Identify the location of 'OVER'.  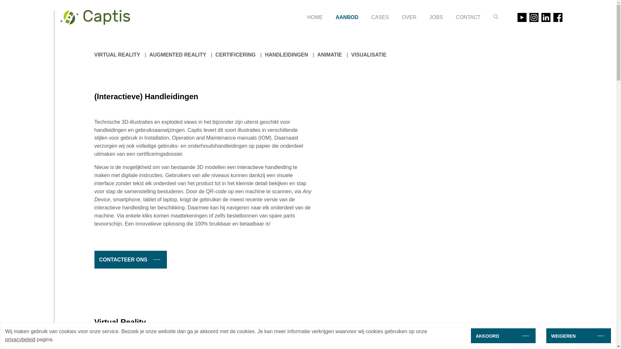
(409, 17).